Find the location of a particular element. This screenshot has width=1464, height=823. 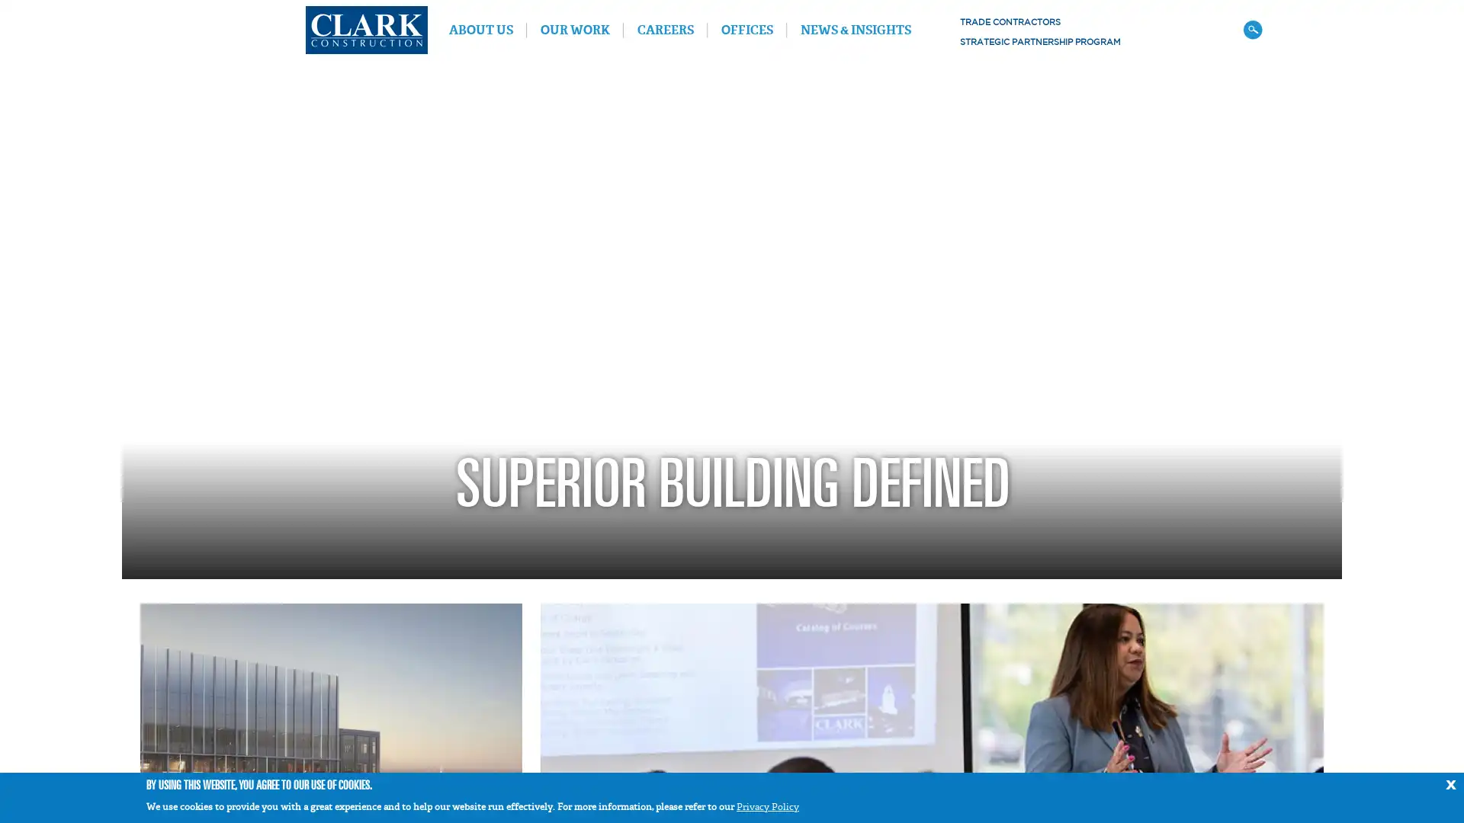

Privacy Policy is located at coordinates (768, 806).